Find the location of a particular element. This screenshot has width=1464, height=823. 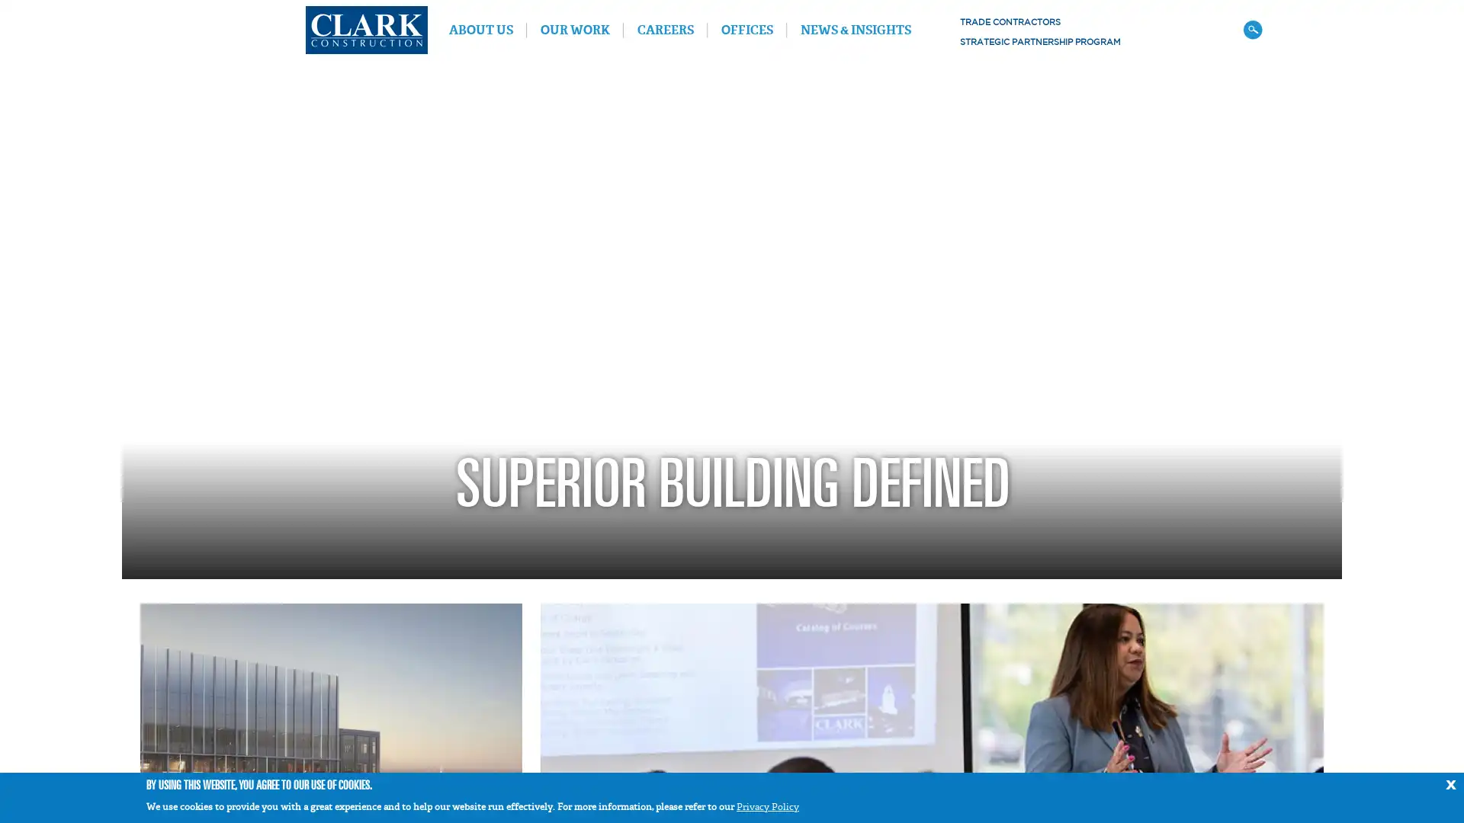

Privacy Policy is located at coordinates (768, 806).